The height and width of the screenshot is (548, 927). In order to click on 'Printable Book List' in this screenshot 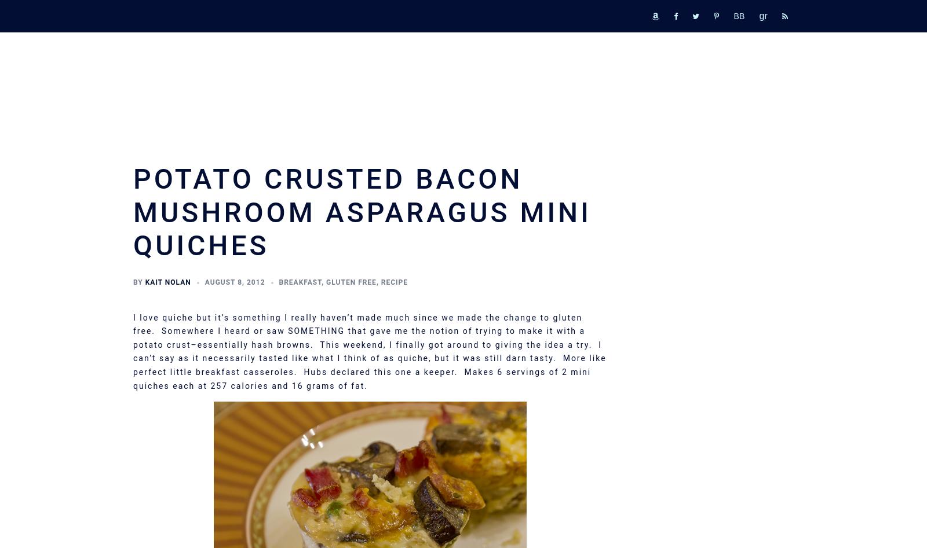, I will do `click(679, 93)`.